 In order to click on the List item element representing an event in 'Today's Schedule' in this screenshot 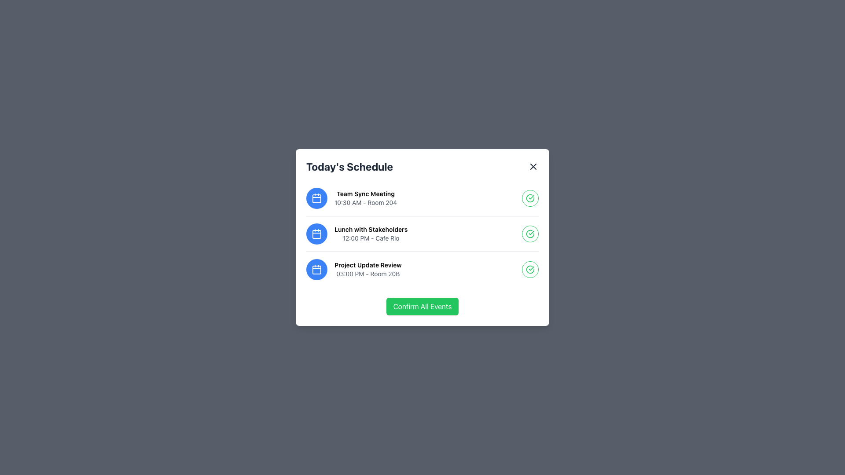, I will do `click(422, 233)`.